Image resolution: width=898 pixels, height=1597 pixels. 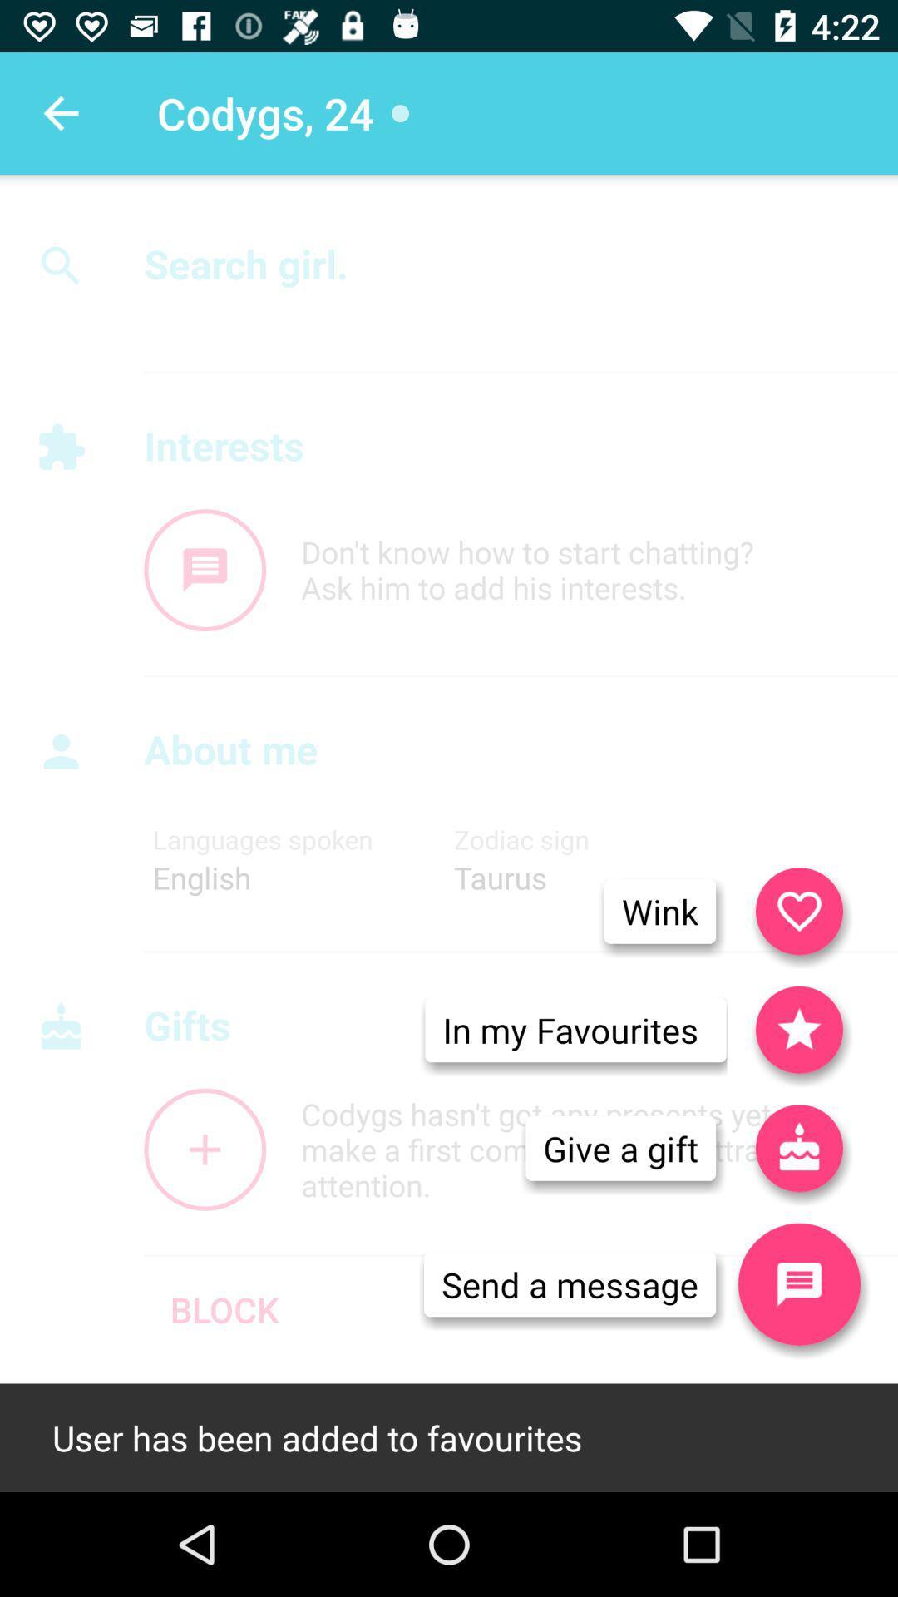 I want to click on the add icon, so click(x=204, y=1149).